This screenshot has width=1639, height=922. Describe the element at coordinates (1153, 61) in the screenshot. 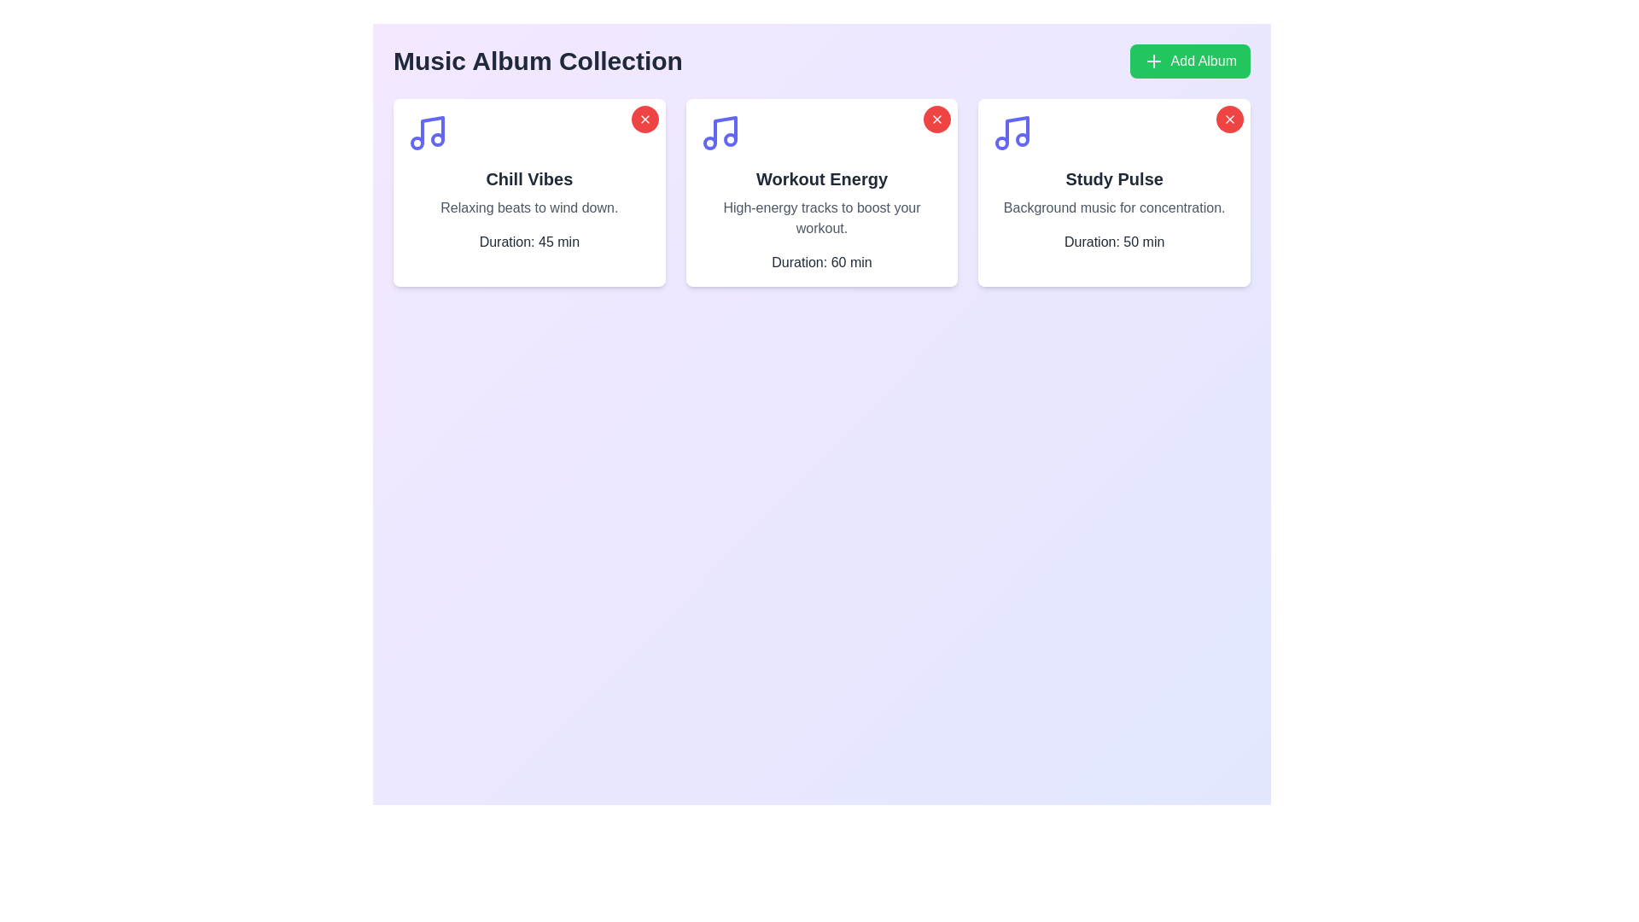

I see `the 'Add Album' button, which contains the icon indicating the addition of a new album to the collection` at that location.